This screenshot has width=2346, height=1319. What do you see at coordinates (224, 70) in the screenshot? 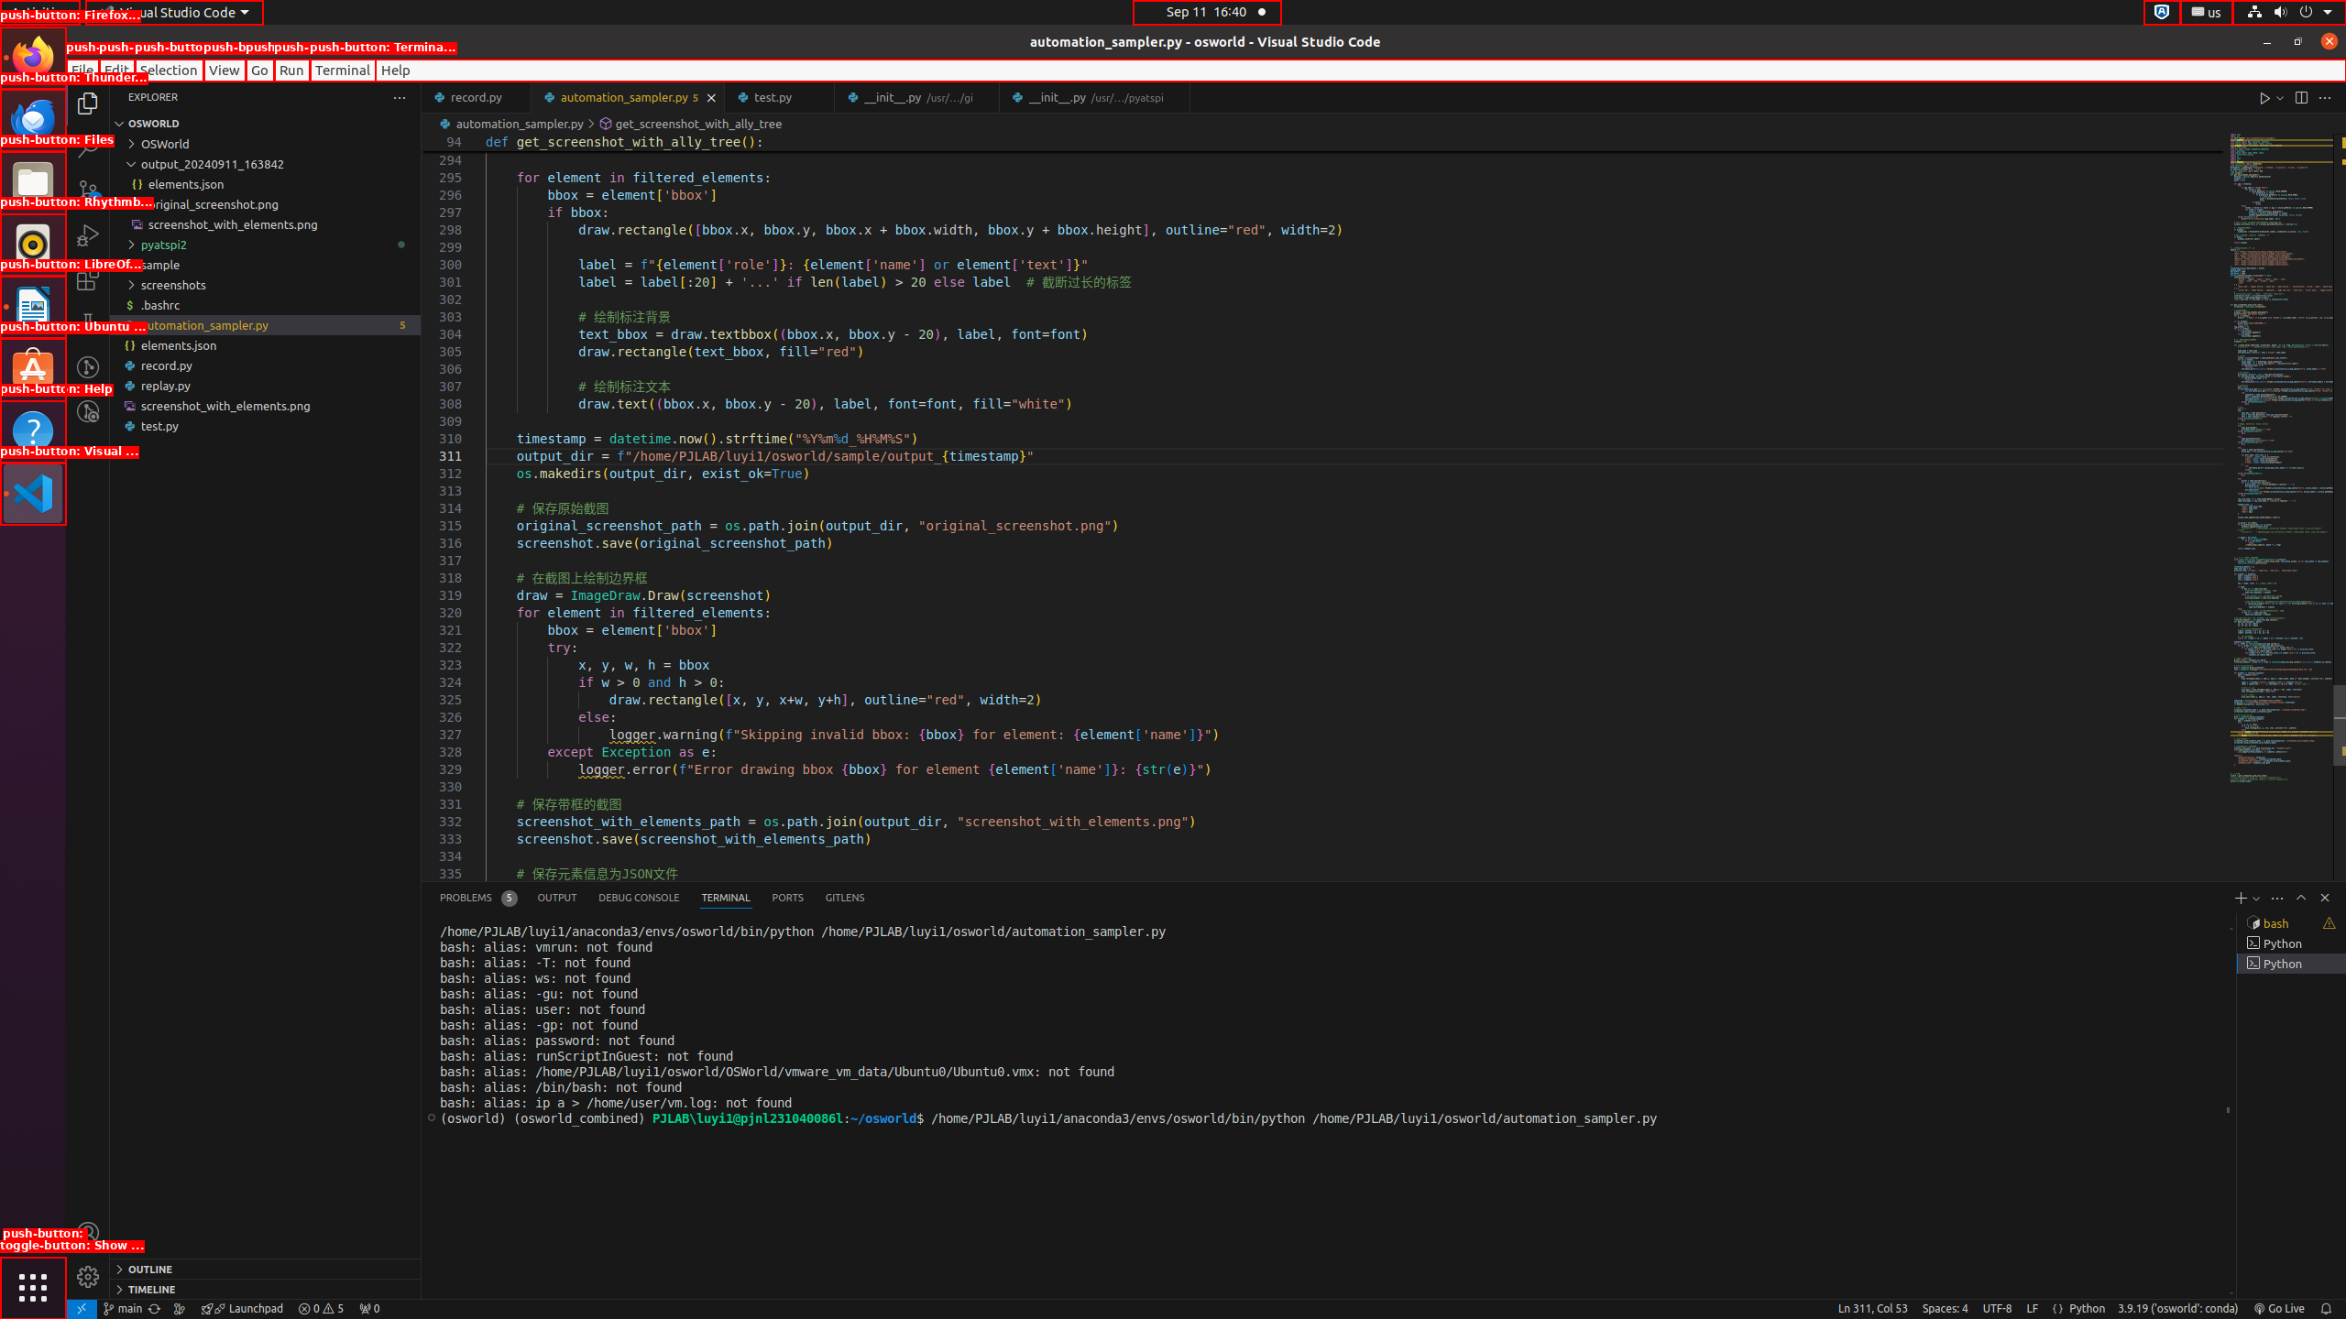
I see `'View'` at bounding box center [224, 70].